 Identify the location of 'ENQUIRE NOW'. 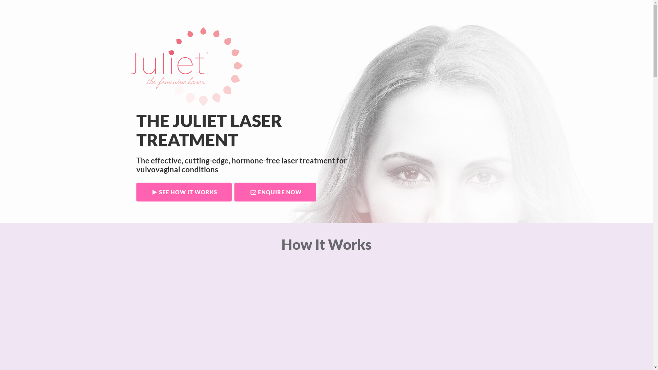
(275, 192).